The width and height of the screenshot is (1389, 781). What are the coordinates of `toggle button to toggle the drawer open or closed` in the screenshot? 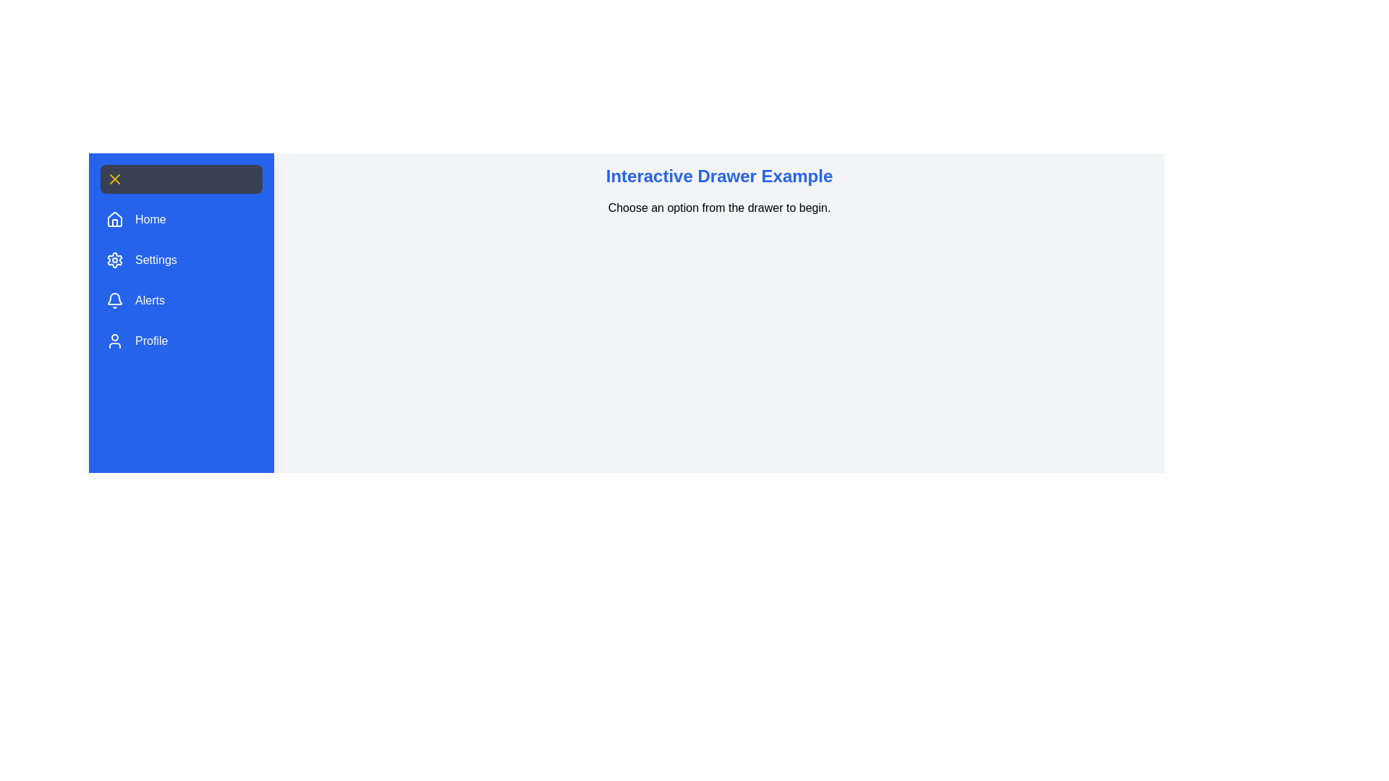 It's located at (180, 178).